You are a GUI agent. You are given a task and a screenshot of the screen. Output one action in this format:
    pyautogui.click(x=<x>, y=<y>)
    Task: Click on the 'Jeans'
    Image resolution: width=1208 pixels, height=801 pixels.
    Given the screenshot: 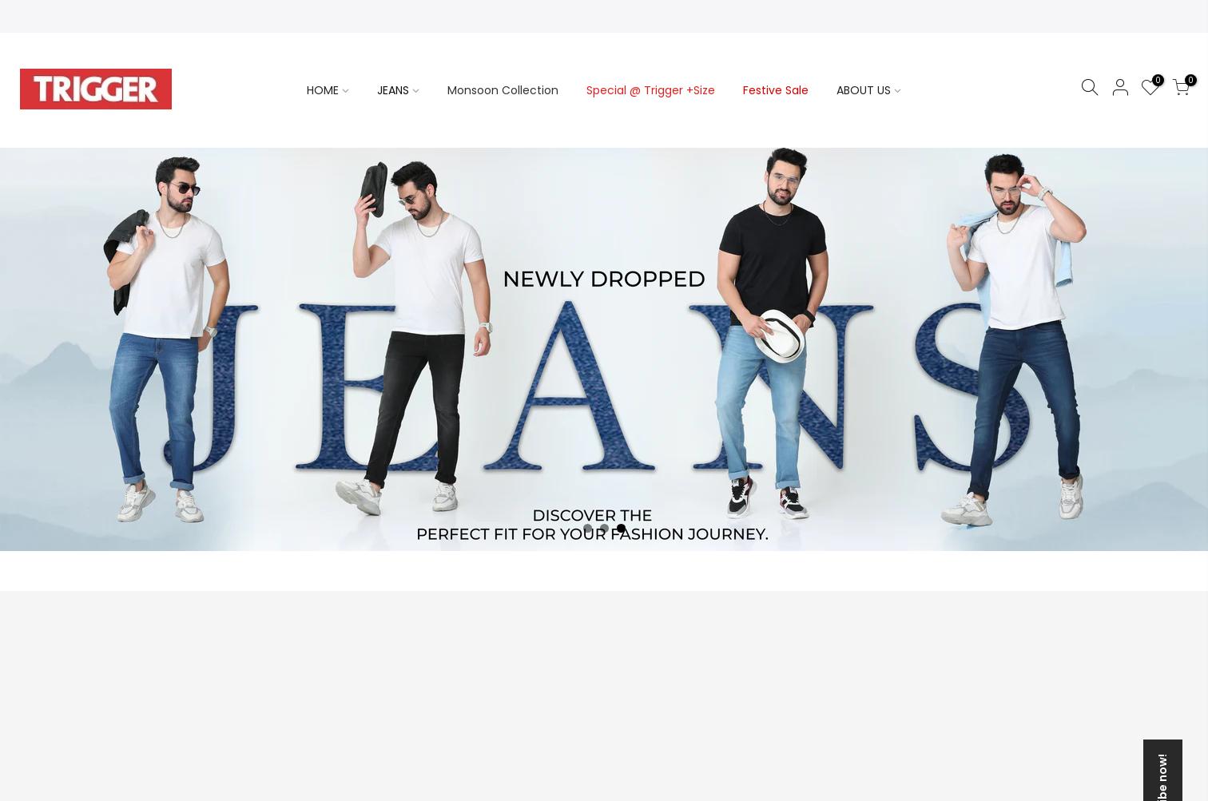 What is the action you would take?
    pyautogui.click(x=193, y=235)
    